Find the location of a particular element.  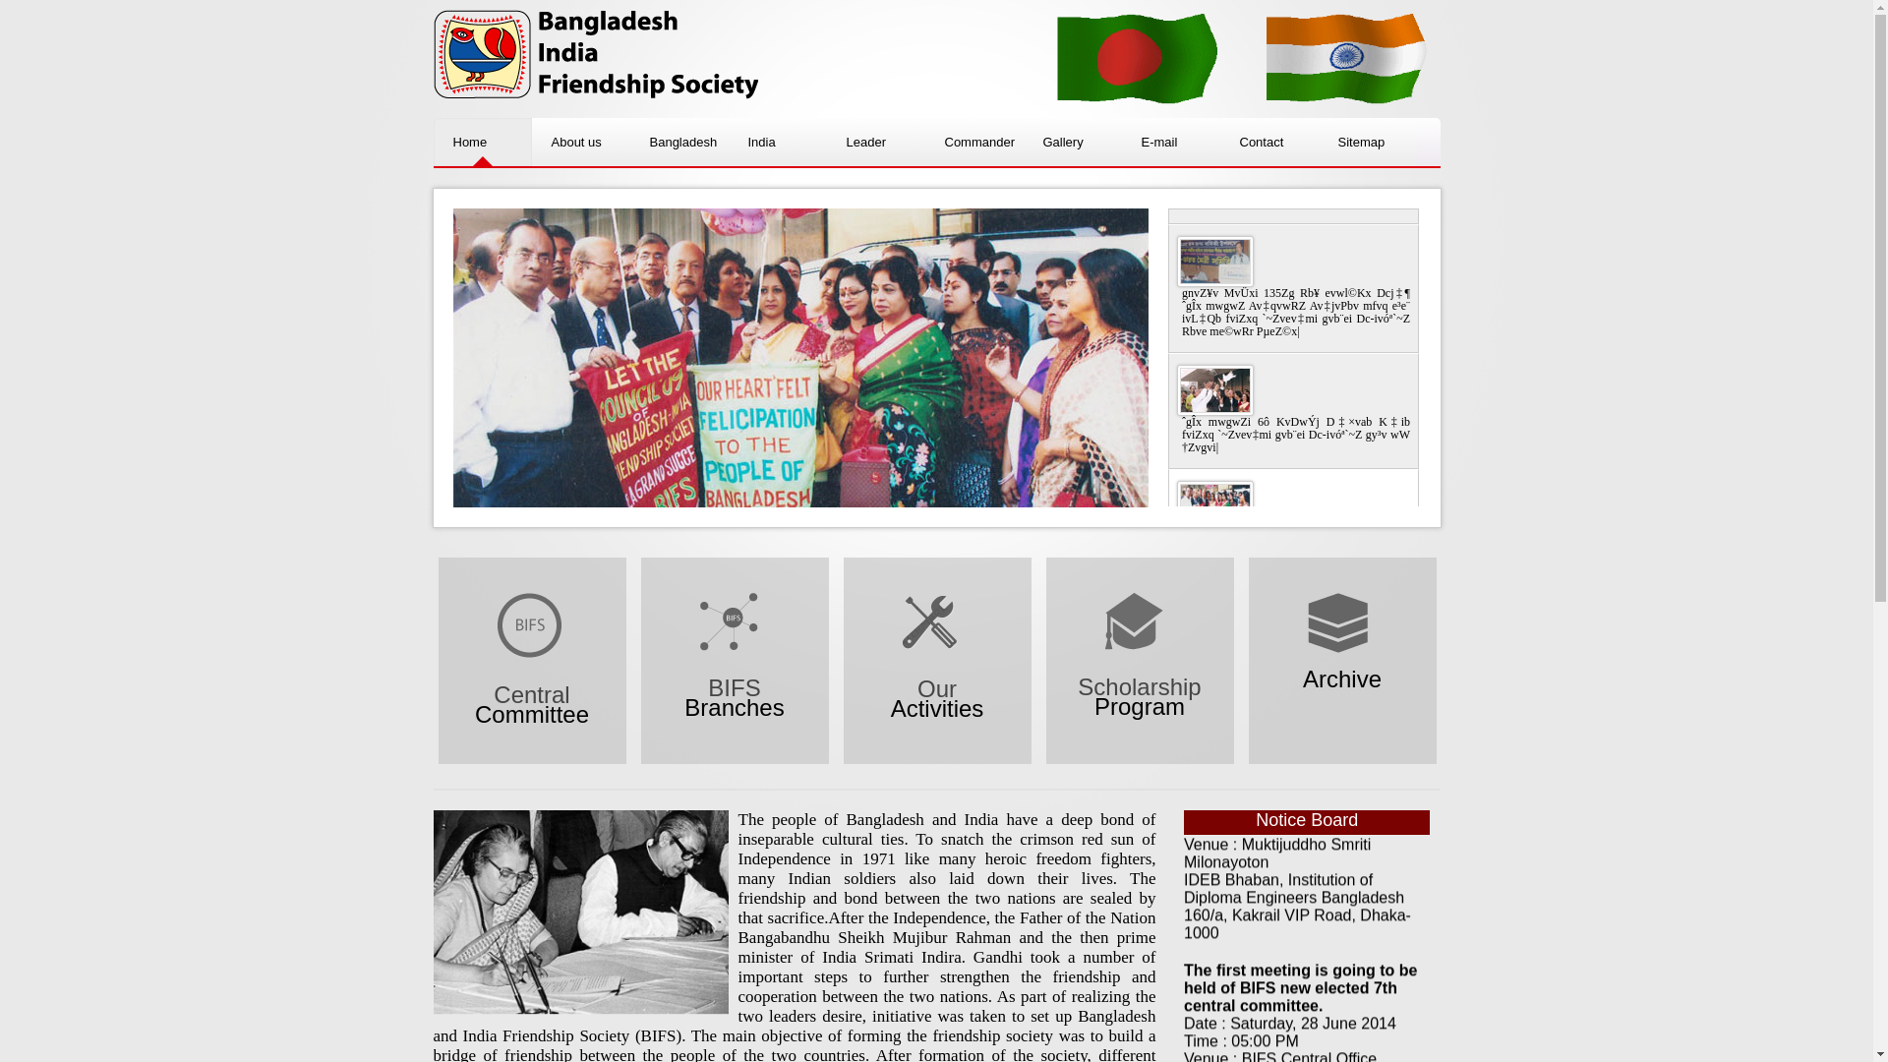

'Sitemap' is located at coordinates (1366, 141).